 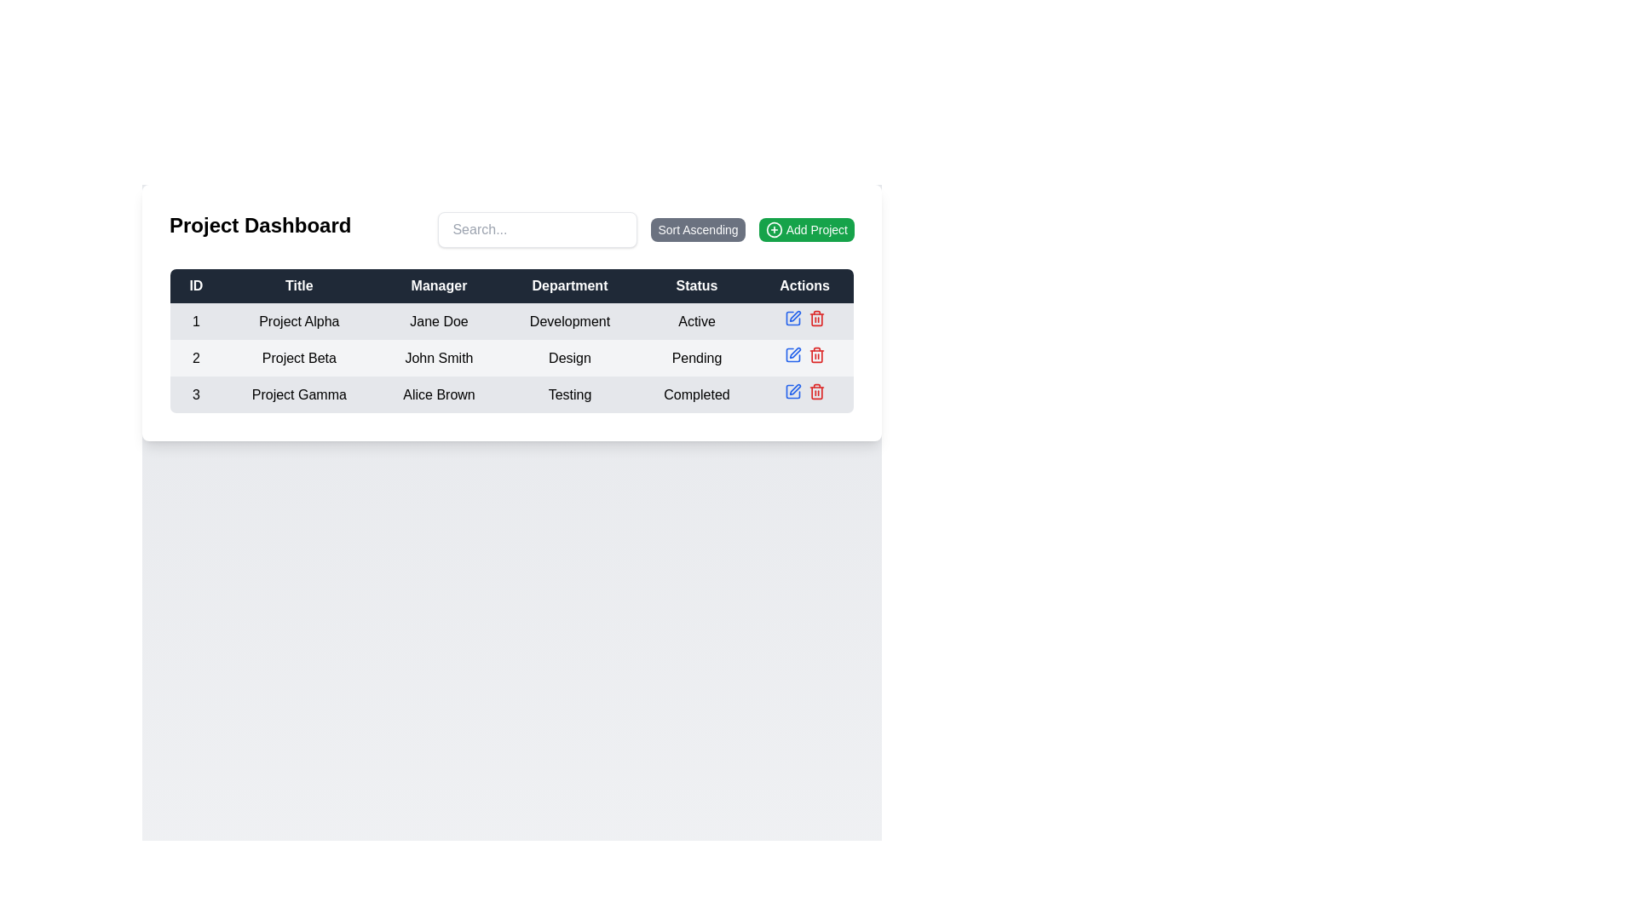 I want to click on the pen-shaped icon button located in the 'Actions' column of the second row in the table next to 'Project Beta', so click(x=794, y=352).